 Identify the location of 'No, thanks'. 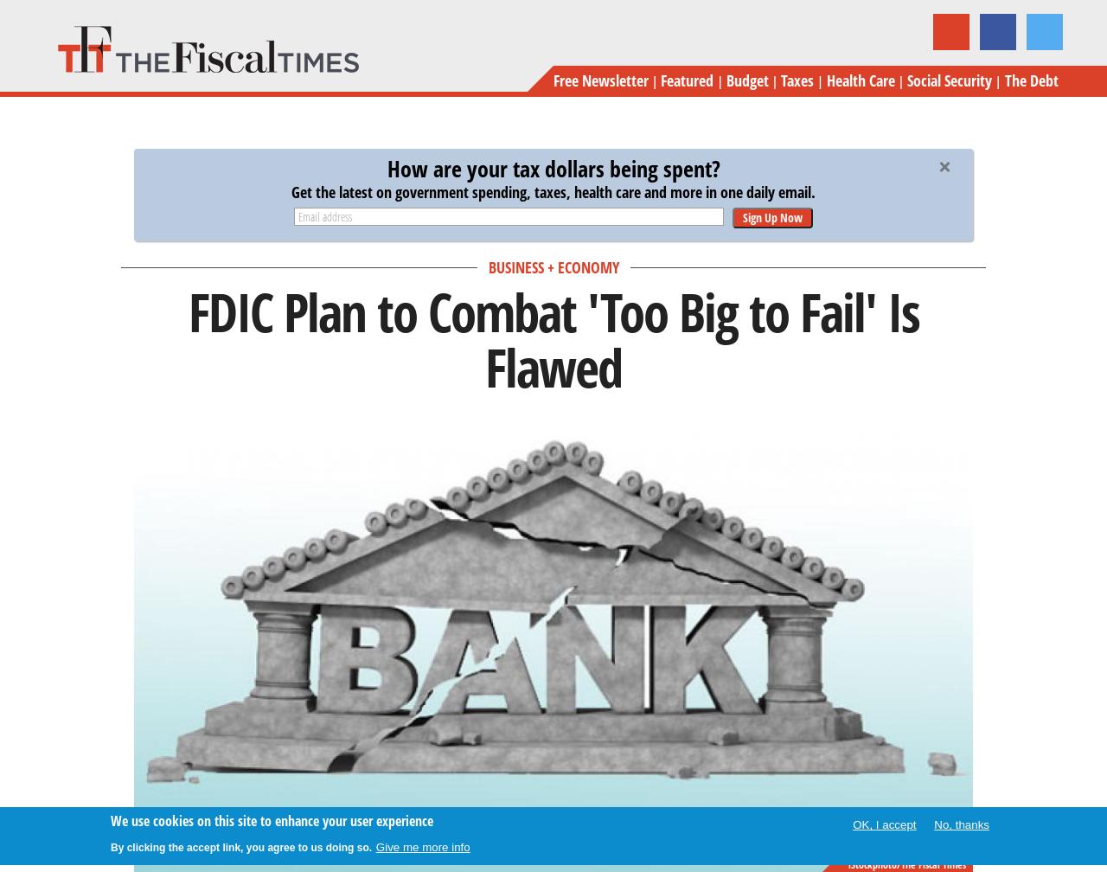
(961, 824).